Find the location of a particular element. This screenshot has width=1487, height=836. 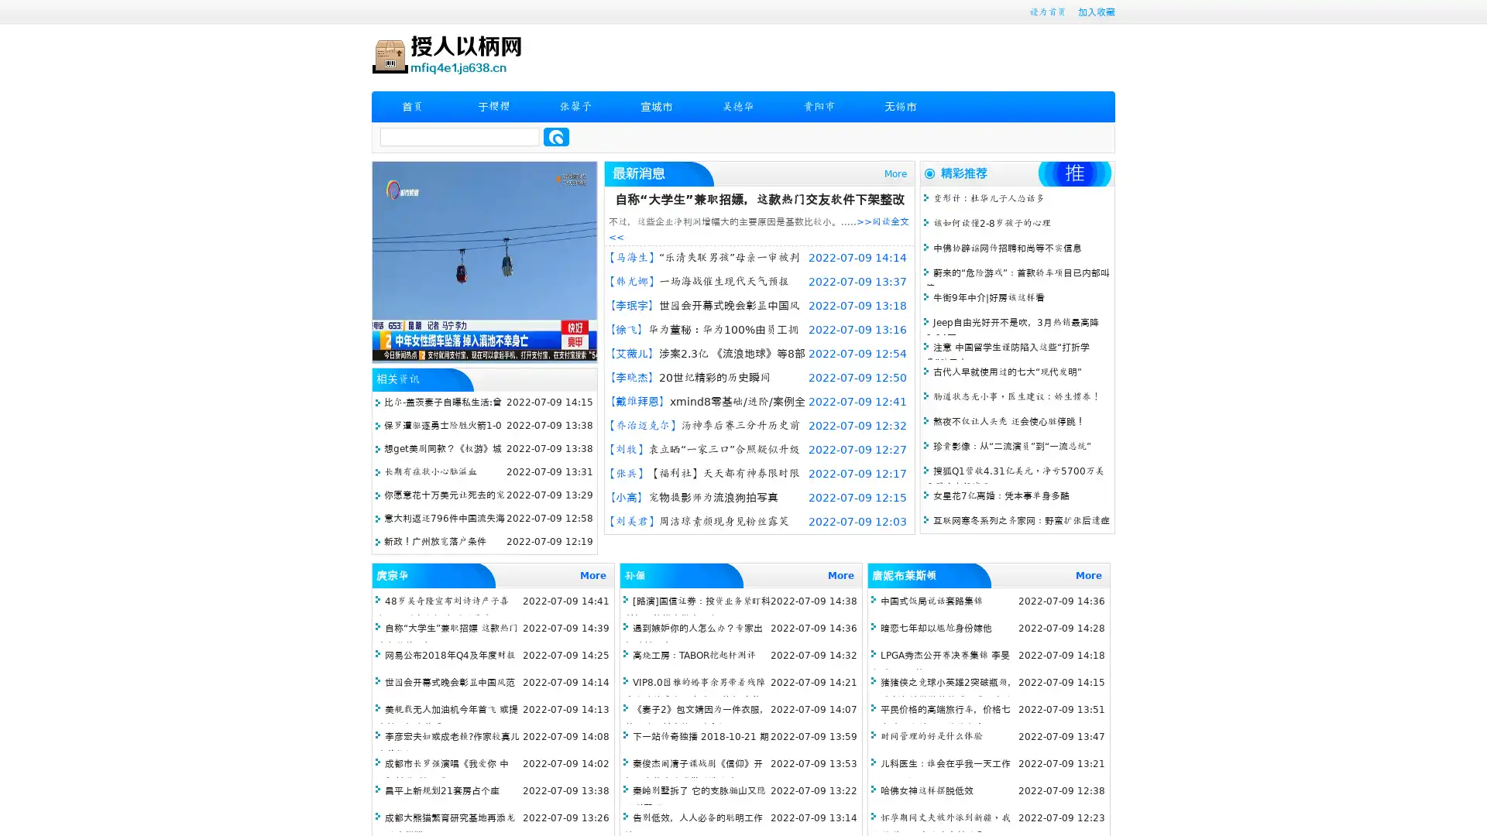

Search is located at coordinates (556, 136).